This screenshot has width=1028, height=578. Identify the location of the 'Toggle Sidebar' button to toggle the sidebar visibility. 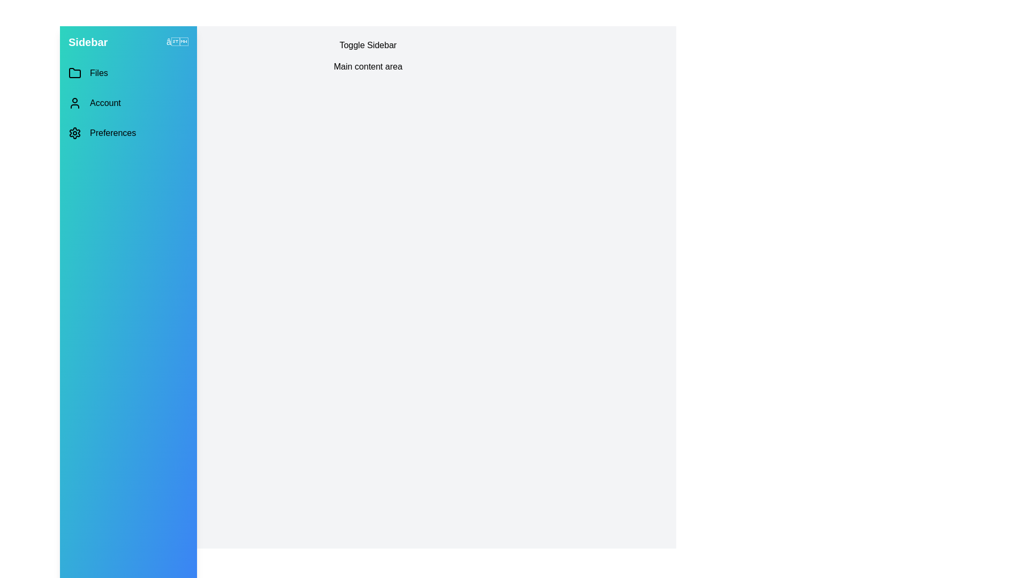
(368, 44).